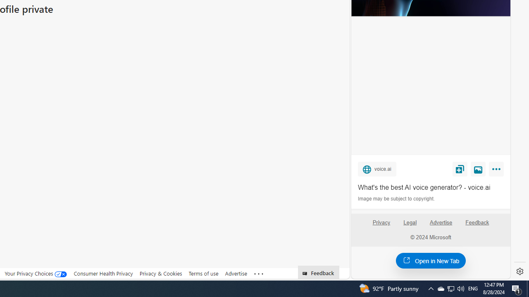 The height and width of the screenshot is (297, 529). I want to click on 'Terms of use', so click(203, 273).